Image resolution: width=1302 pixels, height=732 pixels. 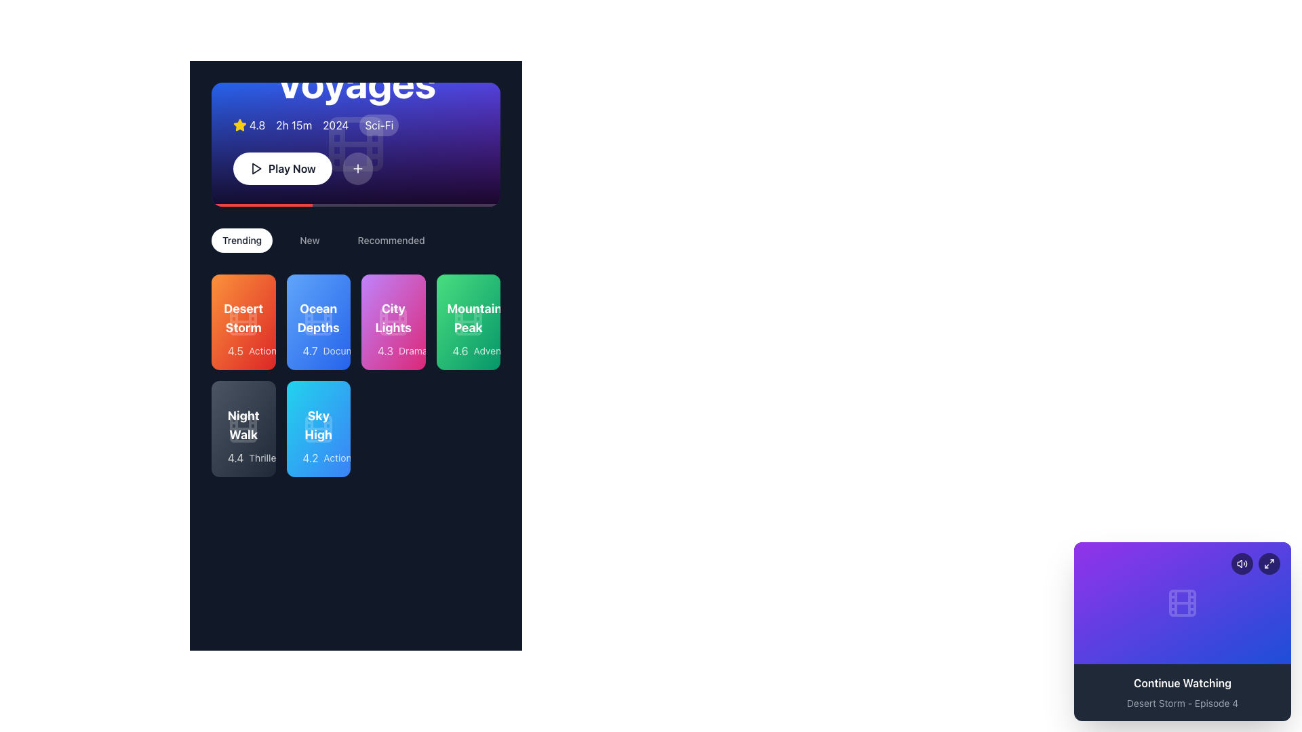 I want to click on the decorative icon representing a film reel located in the bottom-right overlay card, so click(x=1181, y=603).